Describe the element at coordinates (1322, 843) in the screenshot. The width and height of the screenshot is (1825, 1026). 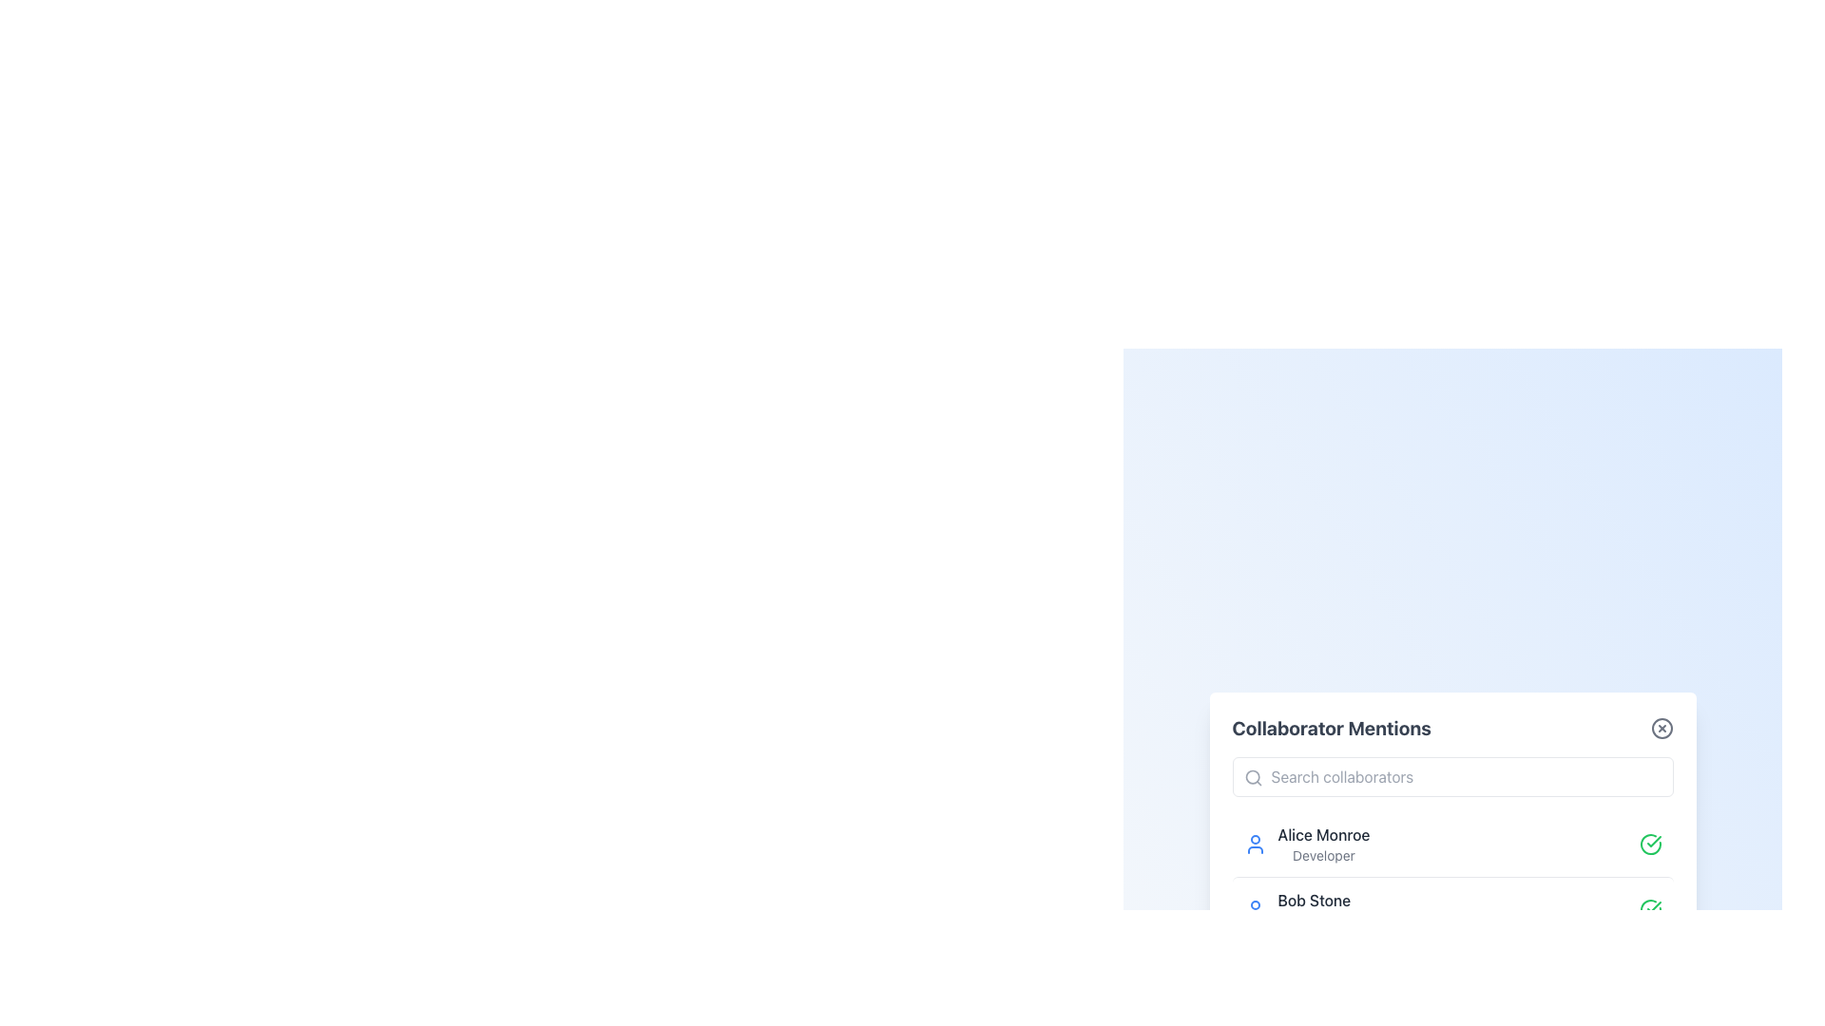
I see `the first item` at that location.